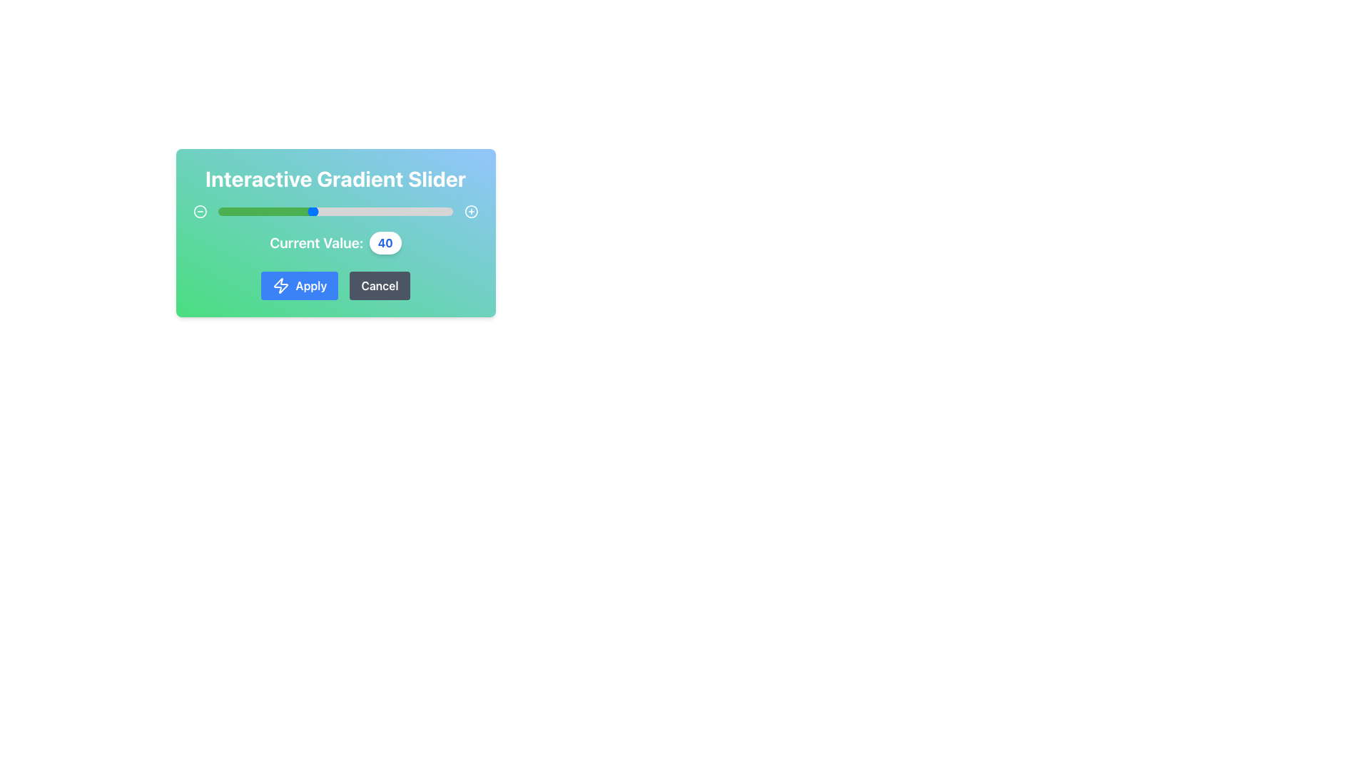  I want to click on the slider, so click(407, 212).